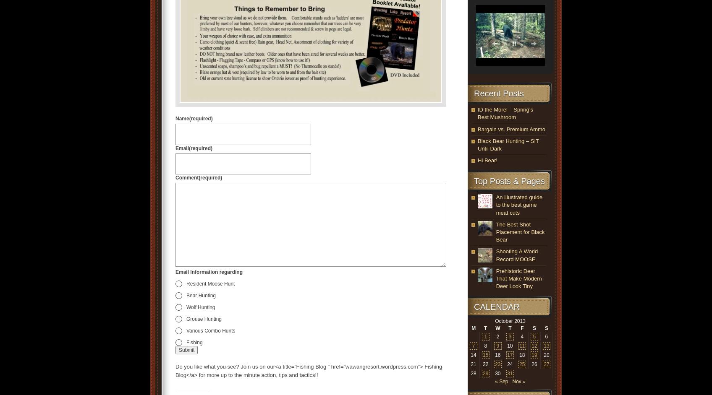  I want to click on '29', so click(483, 373).